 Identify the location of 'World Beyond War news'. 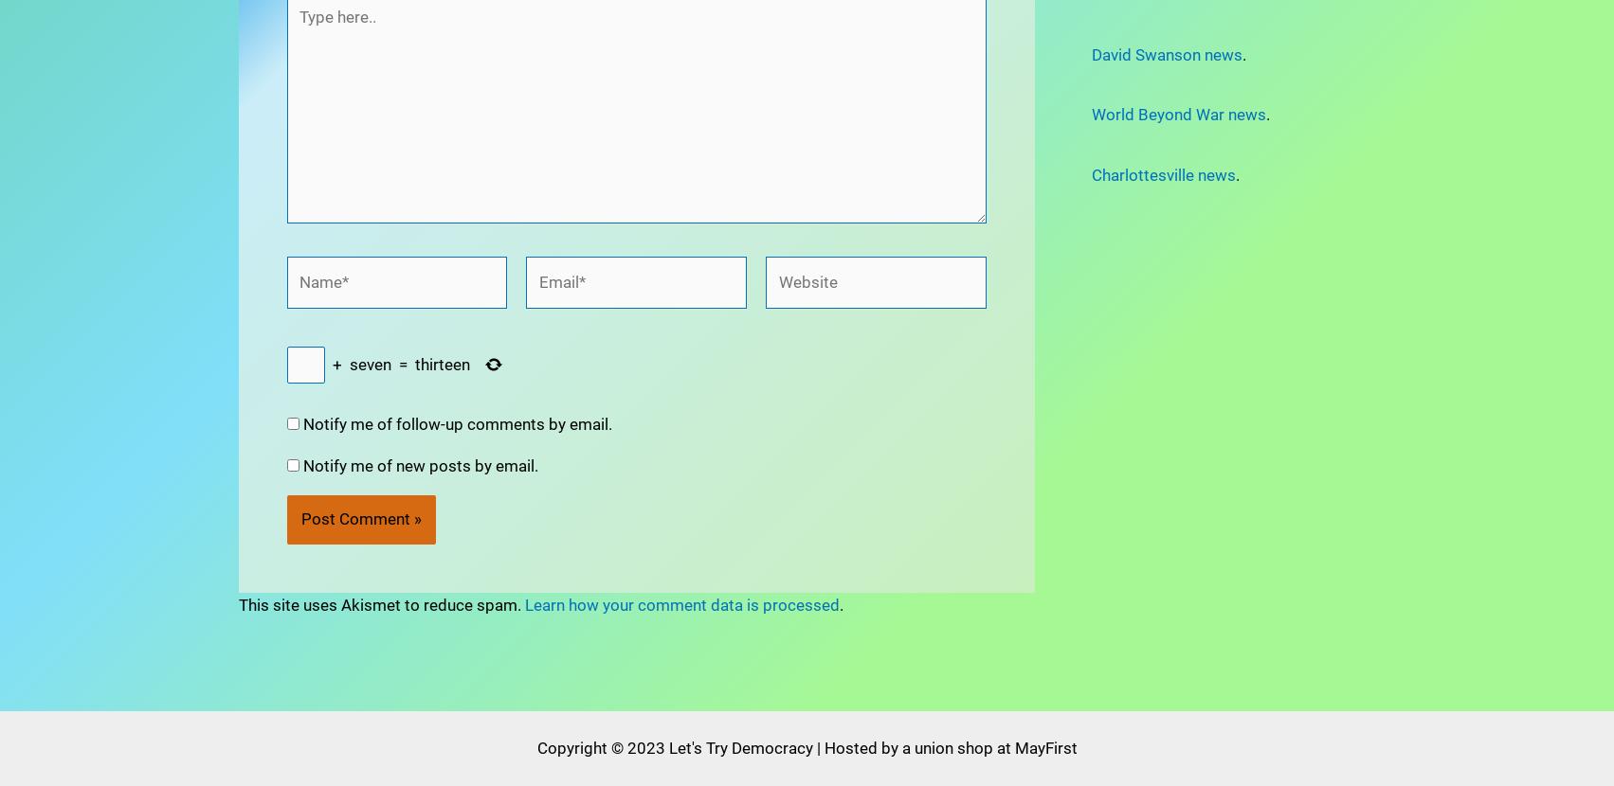
(1177, 115).